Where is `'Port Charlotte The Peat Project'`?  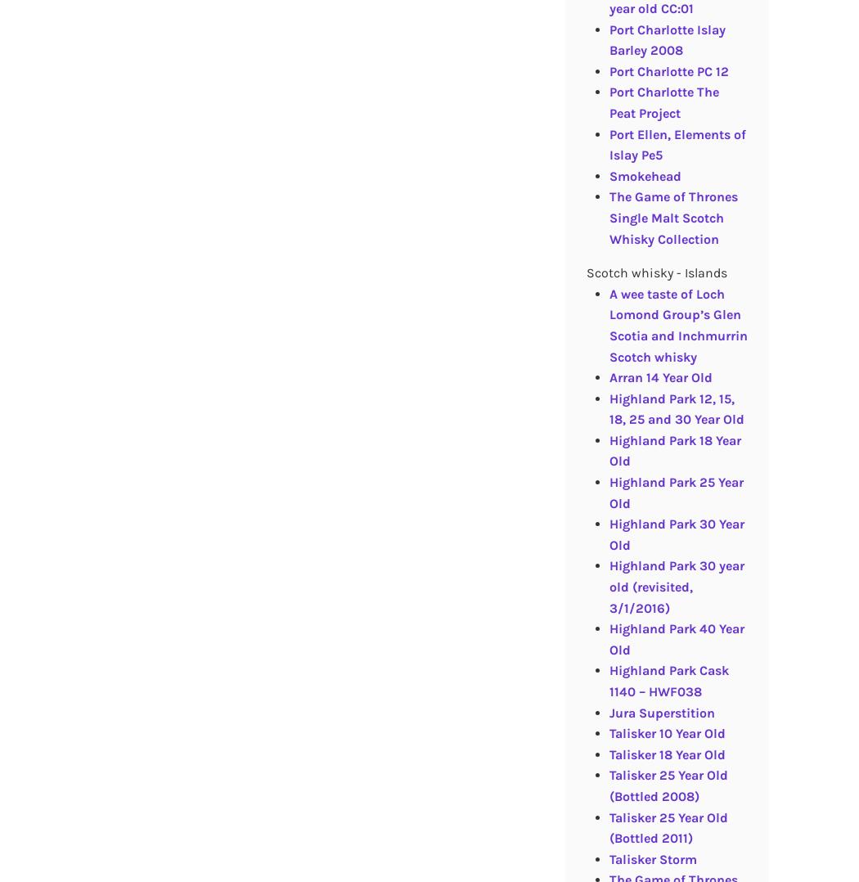
'Port Charlotte The Peat Project' is located at coordinates (663, 102).